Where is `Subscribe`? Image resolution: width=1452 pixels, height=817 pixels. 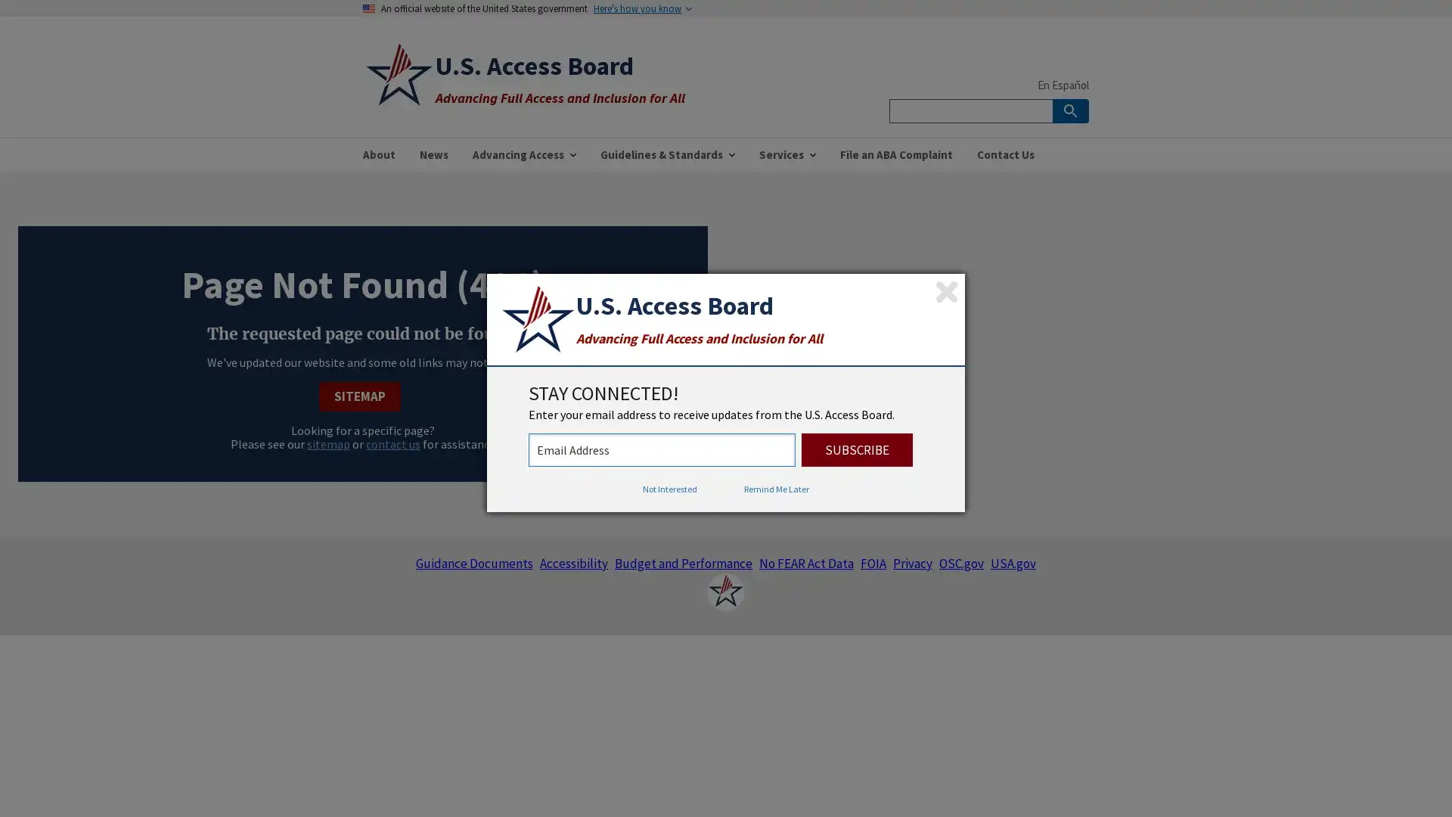 Subscribe is located at coordinates (857, 449).